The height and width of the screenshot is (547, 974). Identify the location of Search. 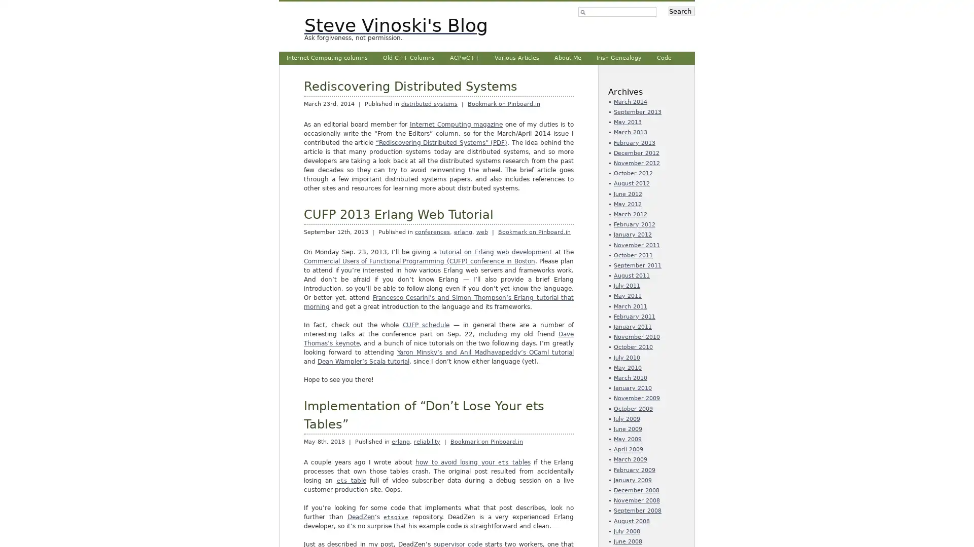
(682, 11).